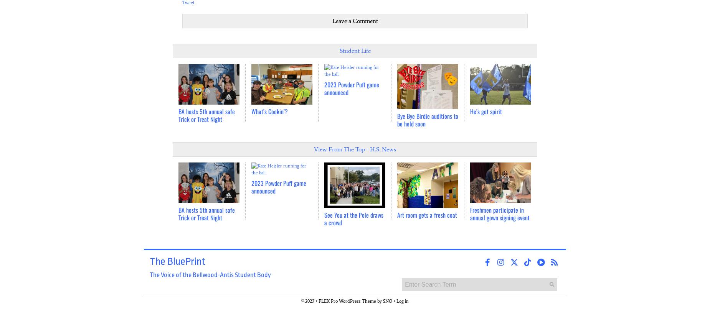 The width and height of the screenshot is (710, 315). Describe the element at coordinates (355, 20) in the screenshot. I see `'Leave a Comment'` at that location.